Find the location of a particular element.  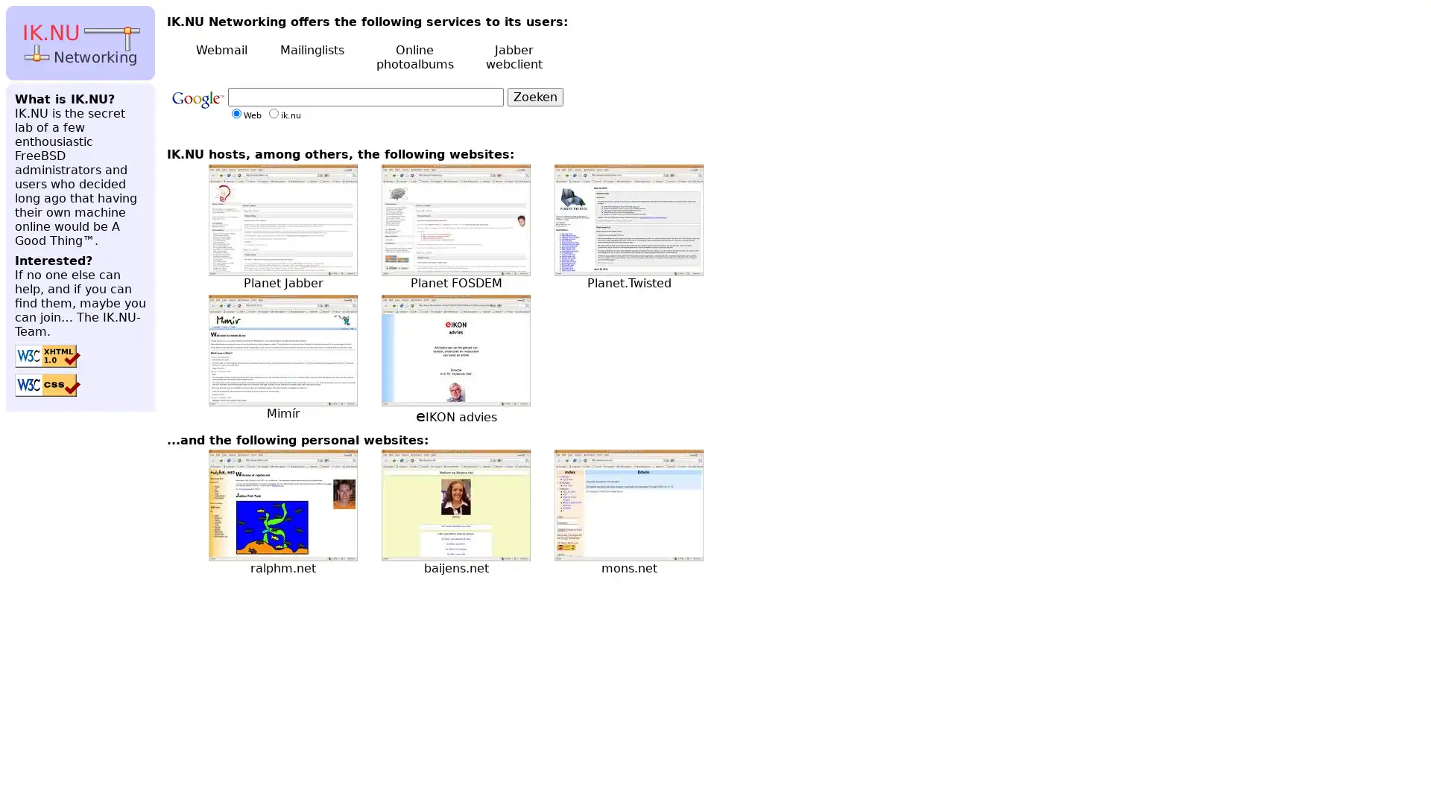

Zoeken is located at coordinates (535, 97).